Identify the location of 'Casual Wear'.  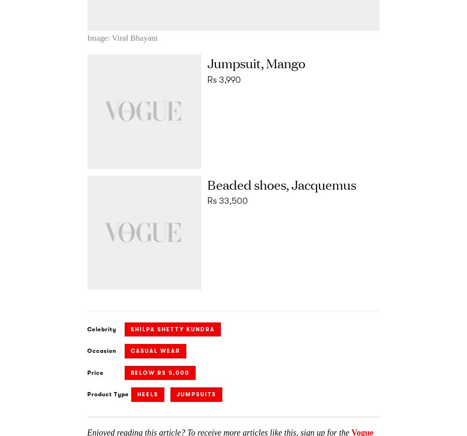
(155, 350).